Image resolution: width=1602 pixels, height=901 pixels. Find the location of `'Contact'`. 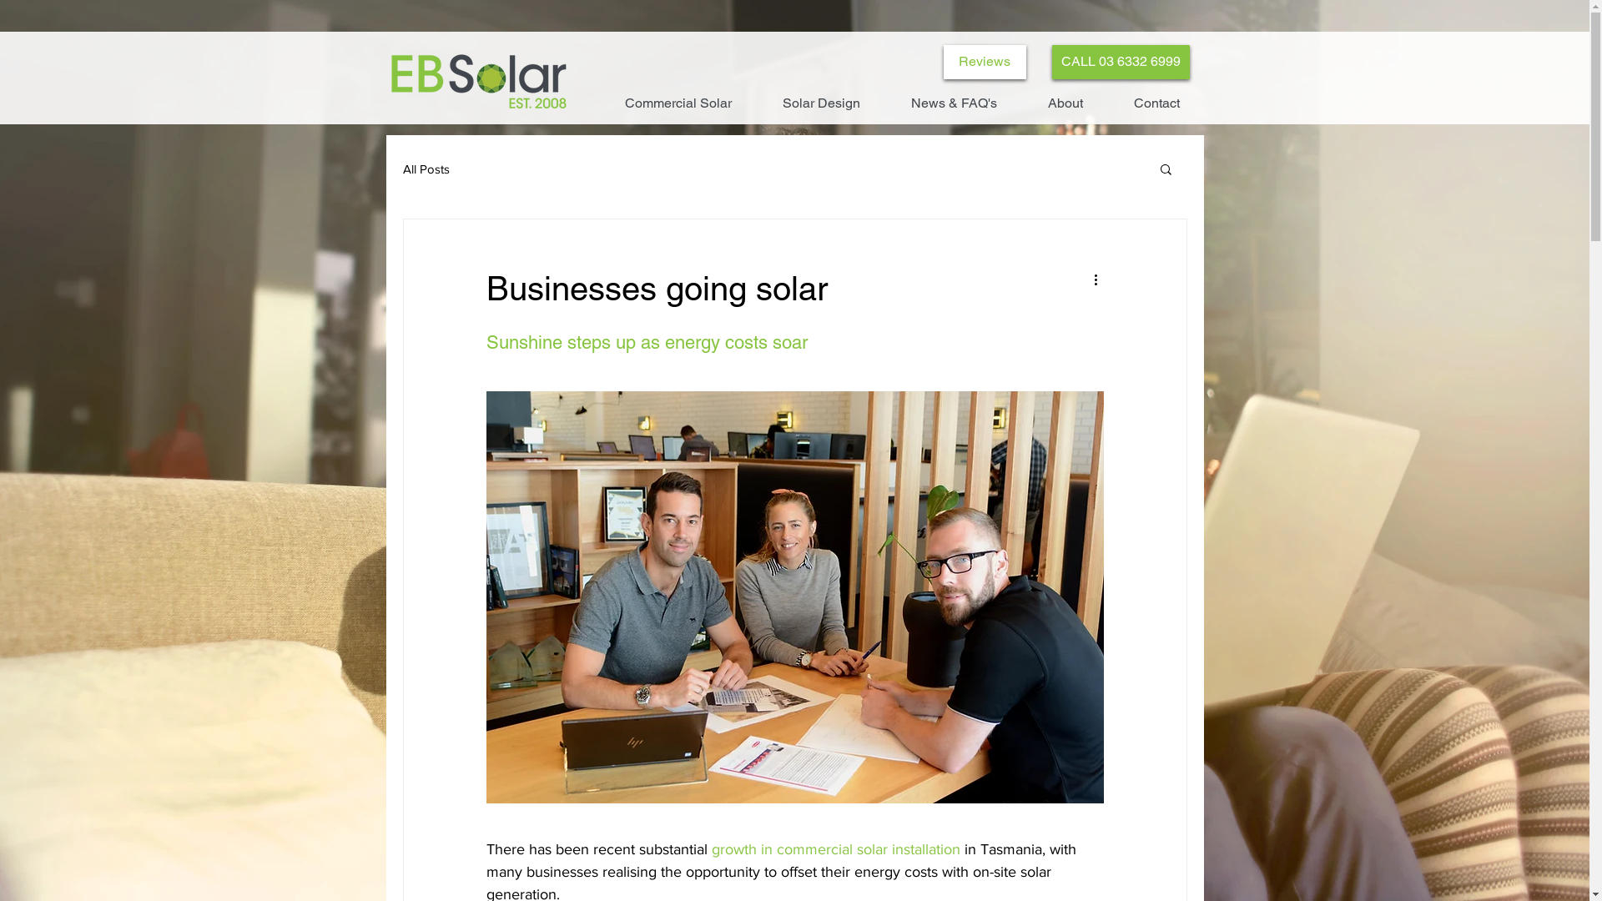

'Contact' is located at coordinates (1155, 103).